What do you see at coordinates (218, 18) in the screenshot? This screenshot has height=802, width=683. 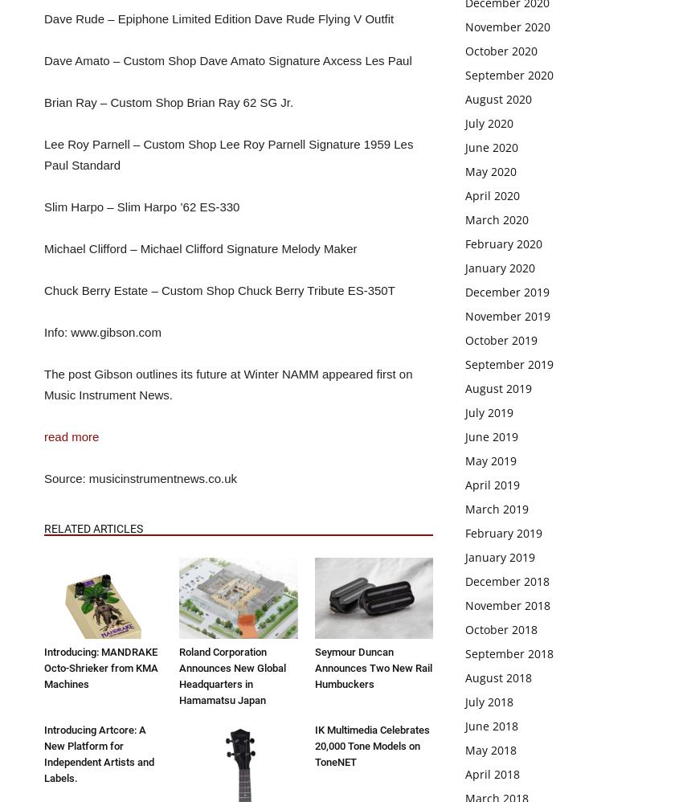 I see `'Dave Rude – Epiphone Limited Edition Dave Rude Flying V Outfit'` at bounding box center [218, 18].